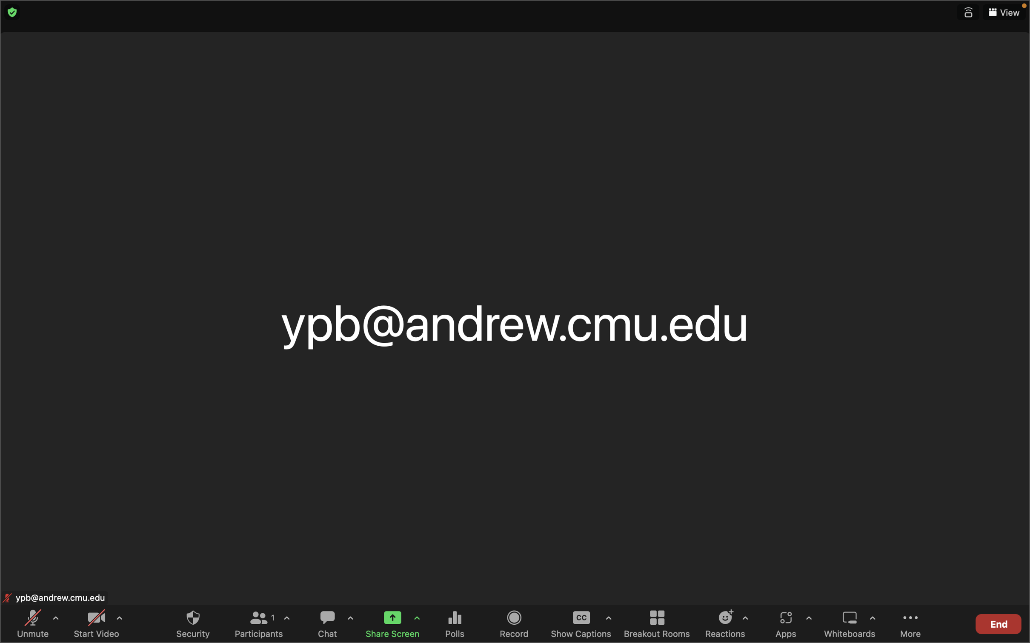 The height and width of the screenshot is (643, 1030). I want to click on the end meeting options, so click(998, 622).